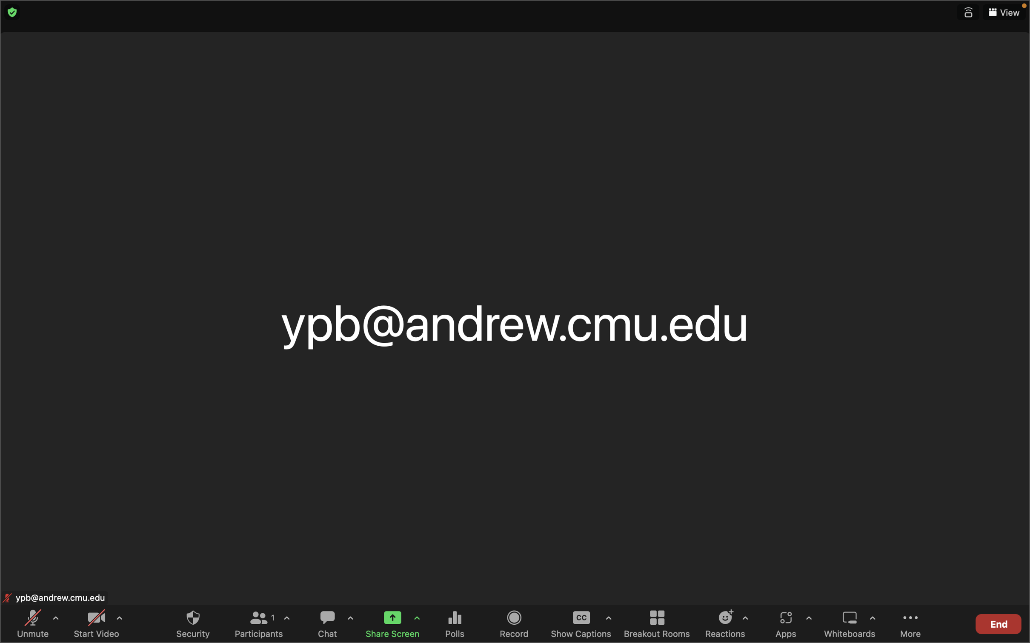 The height and width of the screenshot is (643, 1030). I want to click on the end meeting options, so click(998, 622).